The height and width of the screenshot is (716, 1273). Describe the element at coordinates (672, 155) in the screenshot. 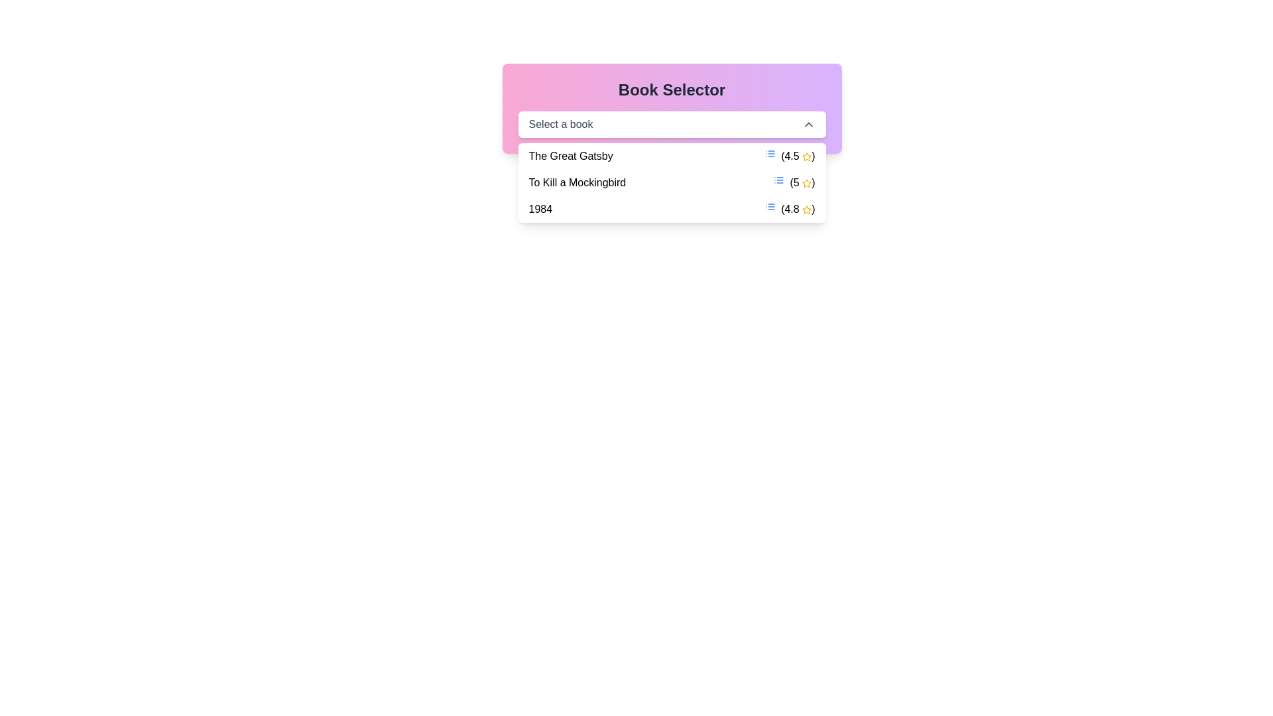

I see `the first selectable option in the dropdown menu labeled 'Select a book' to choose 'The Great Gatsby'` at that location.